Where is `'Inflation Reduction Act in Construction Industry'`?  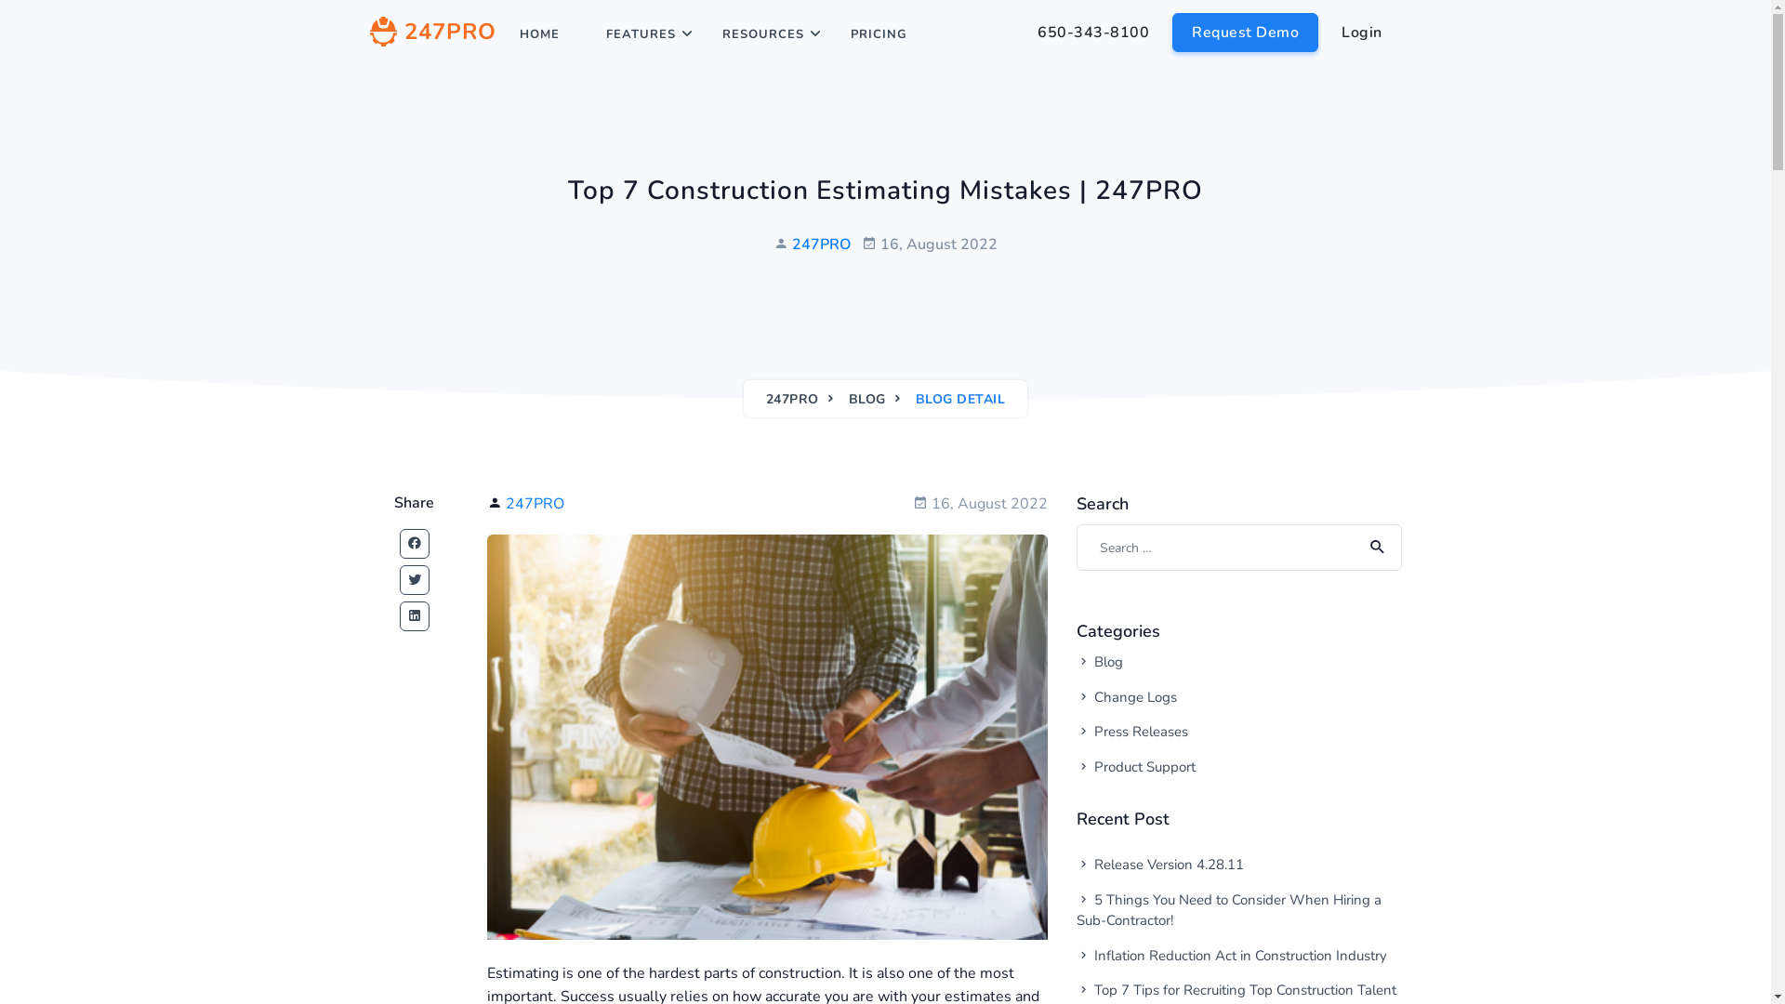 'Inflation Reduction Act in Construction Industry' is located at coordinates (1239, 955).